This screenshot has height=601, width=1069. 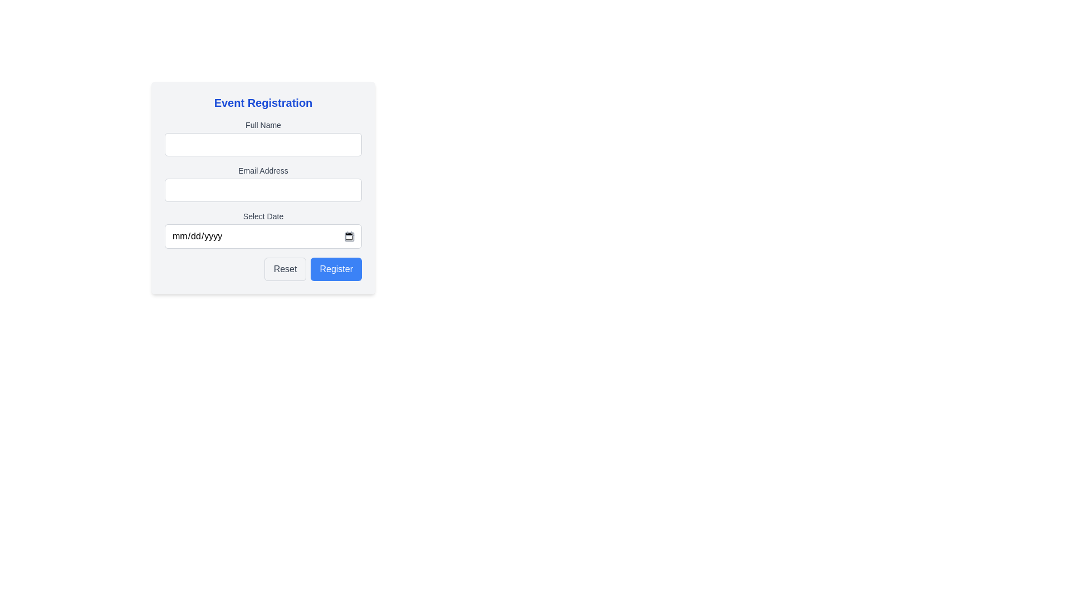 I want to click on the calendar icon, which is a square box with rounded corners located within the 'Select Date' input box, so click(x=349, y=235).